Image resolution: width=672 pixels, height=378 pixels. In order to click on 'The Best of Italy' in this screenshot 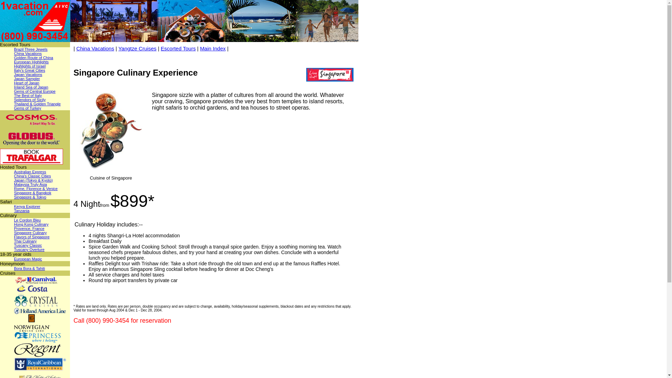, I will do `click(28, 96)`.